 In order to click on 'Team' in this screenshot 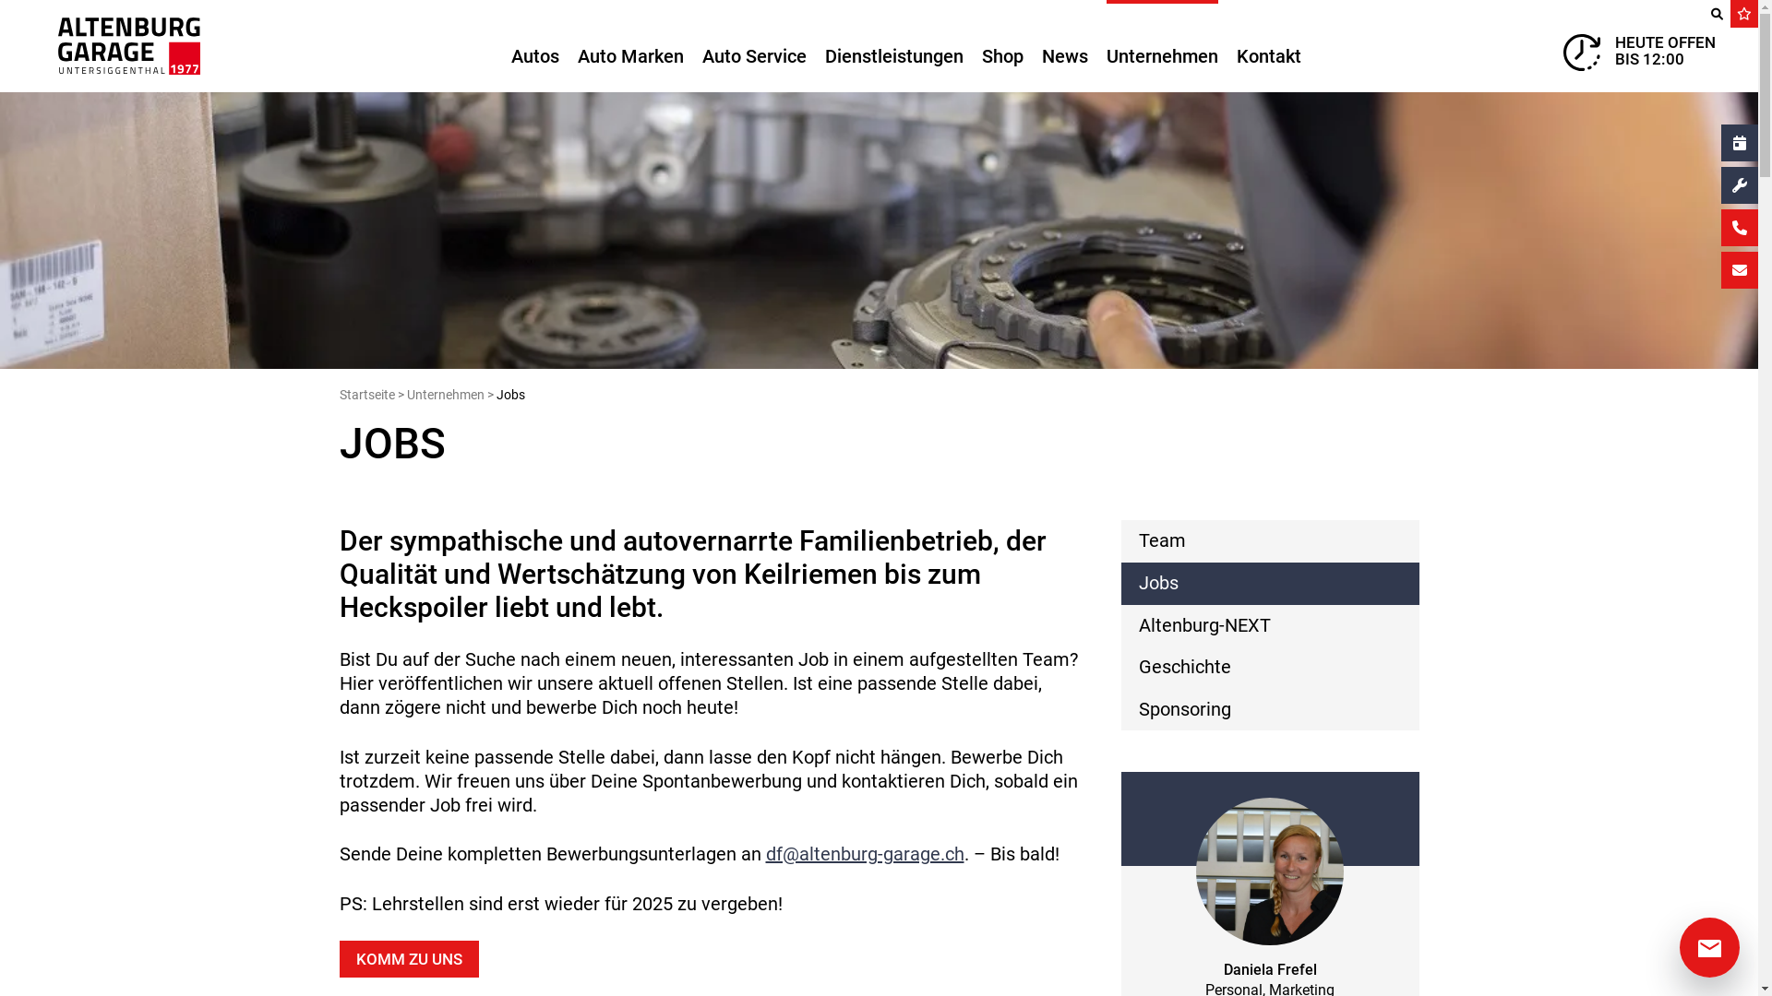, I will do `click(1268, 539)`.